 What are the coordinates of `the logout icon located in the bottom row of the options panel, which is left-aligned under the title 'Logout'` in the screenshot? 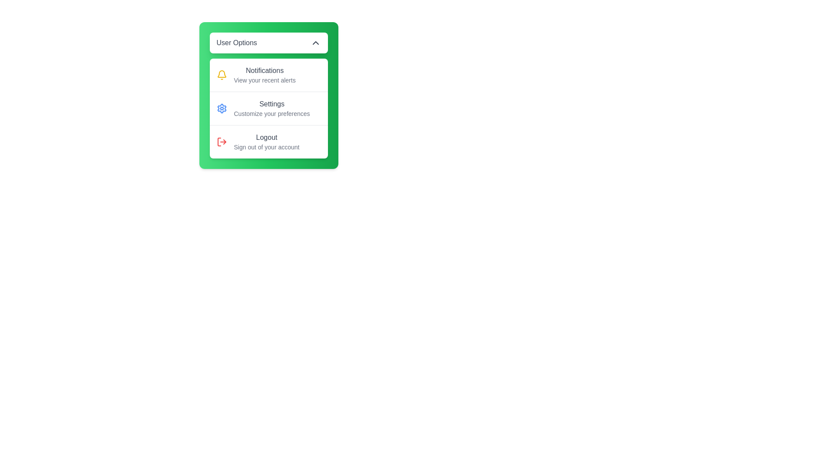 It's located at (222, 142).